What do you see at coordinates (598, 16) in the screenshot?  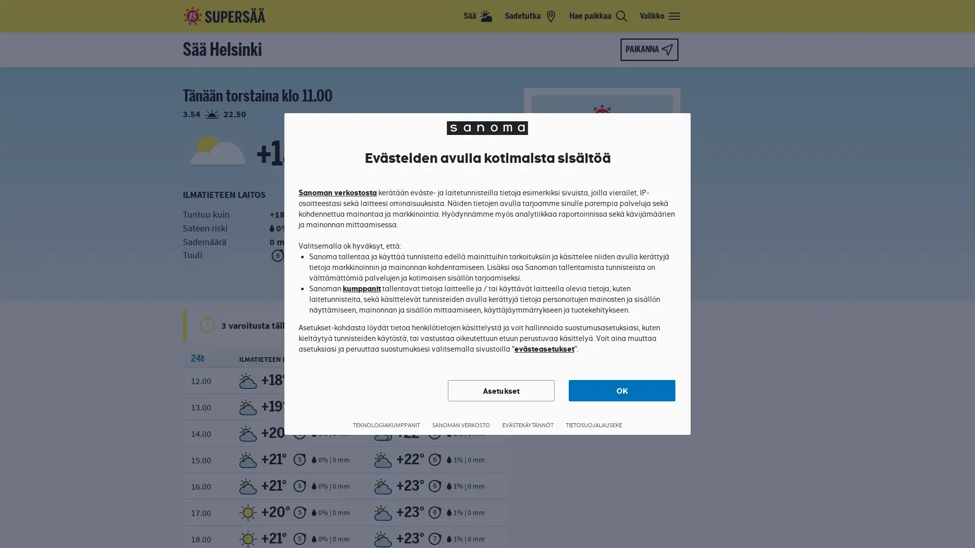 I see `Hae paikkaa` at bounding box center [598, 16].